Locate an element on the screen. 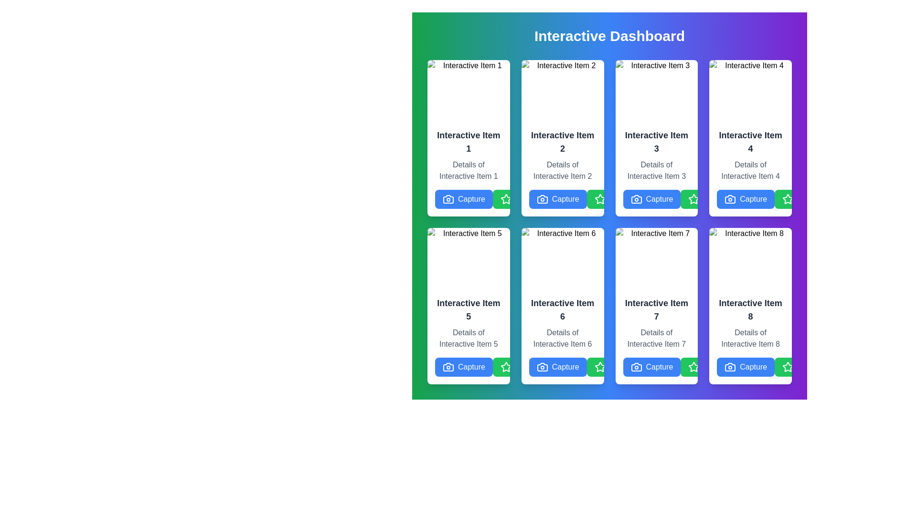  the text block containing 'Details of Interactive Item 5' styled in gray font, which is located below the title 'Interactive Item 5' within the fifth card of the grid layout is located at coordinates (469, 338).